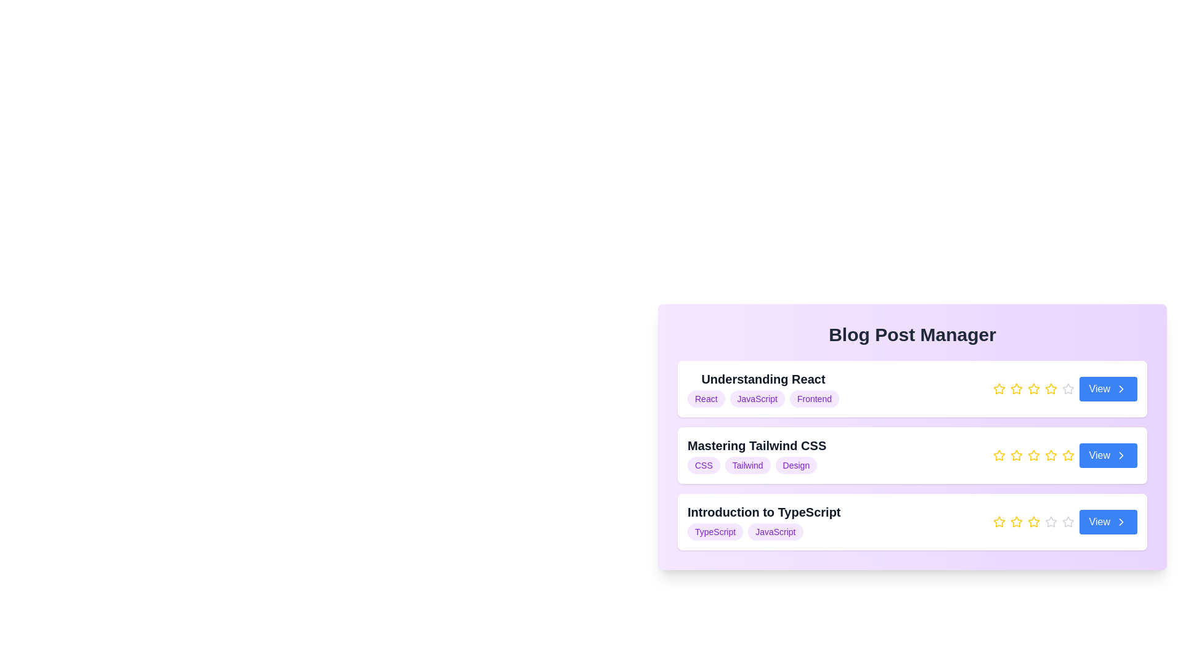 This screenshot has height=665, width=1183. What do you see at coordinates (704, 465) in the screenshot?
I see `the 'CSS' tag located below the 'Mastering Tailwind CSS' title` at bounding box center [704, 465].